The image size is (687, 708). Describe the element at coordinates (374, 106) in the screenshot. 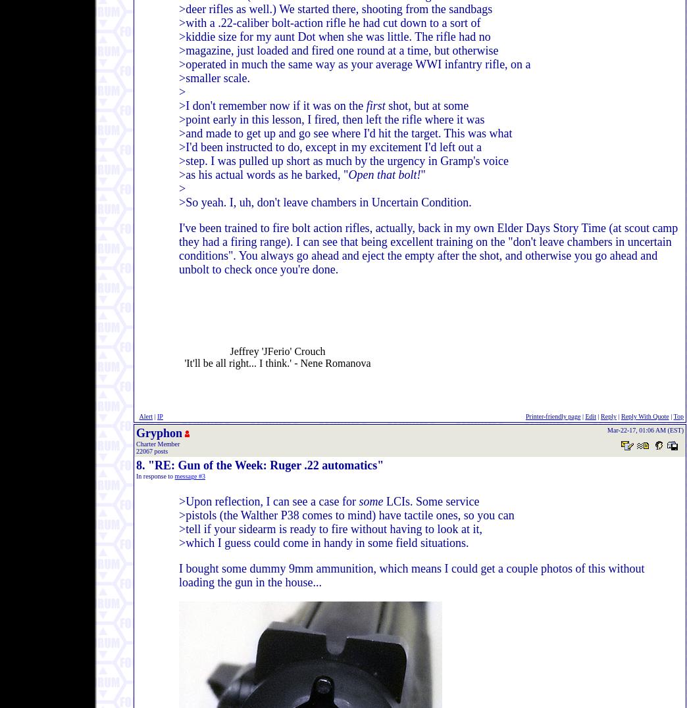

I see `'first'` at that location.